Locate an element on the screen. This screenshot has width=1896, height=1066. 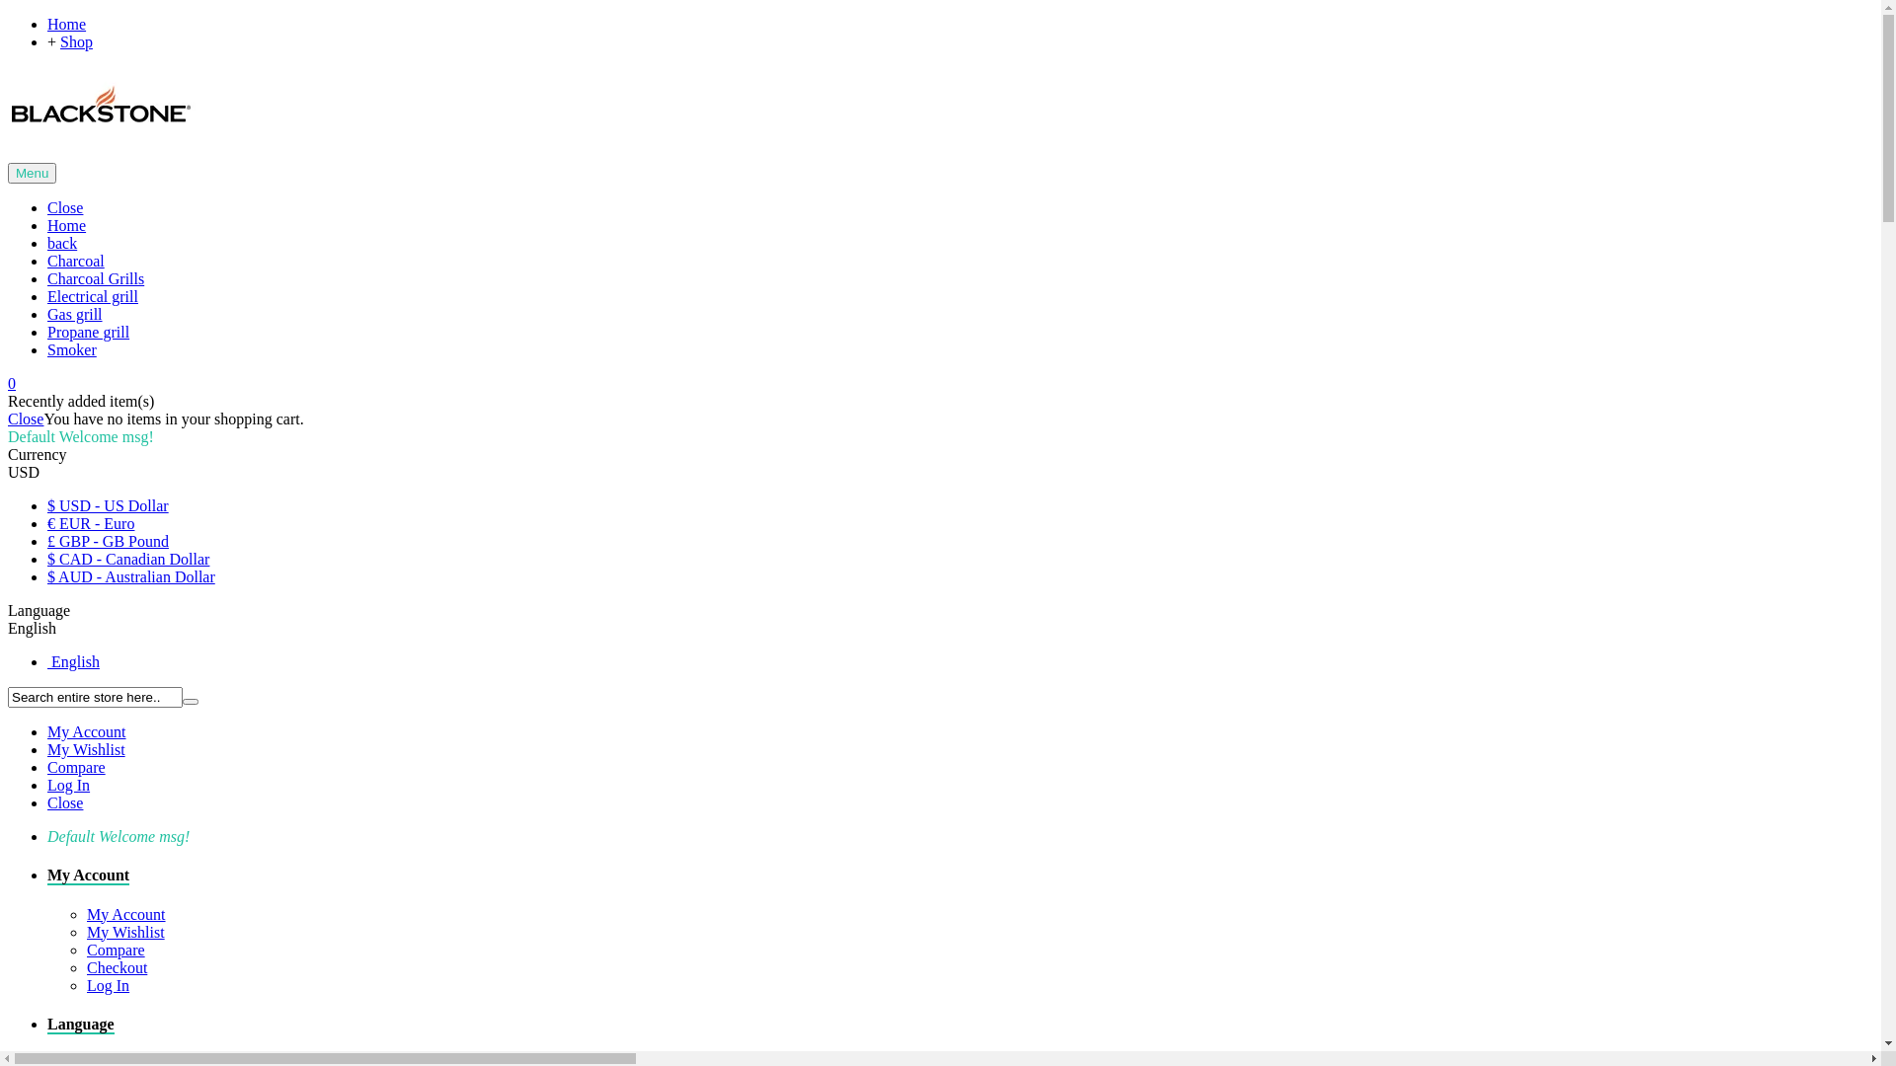
'Gas grill' is located at coordinates (47, 313).